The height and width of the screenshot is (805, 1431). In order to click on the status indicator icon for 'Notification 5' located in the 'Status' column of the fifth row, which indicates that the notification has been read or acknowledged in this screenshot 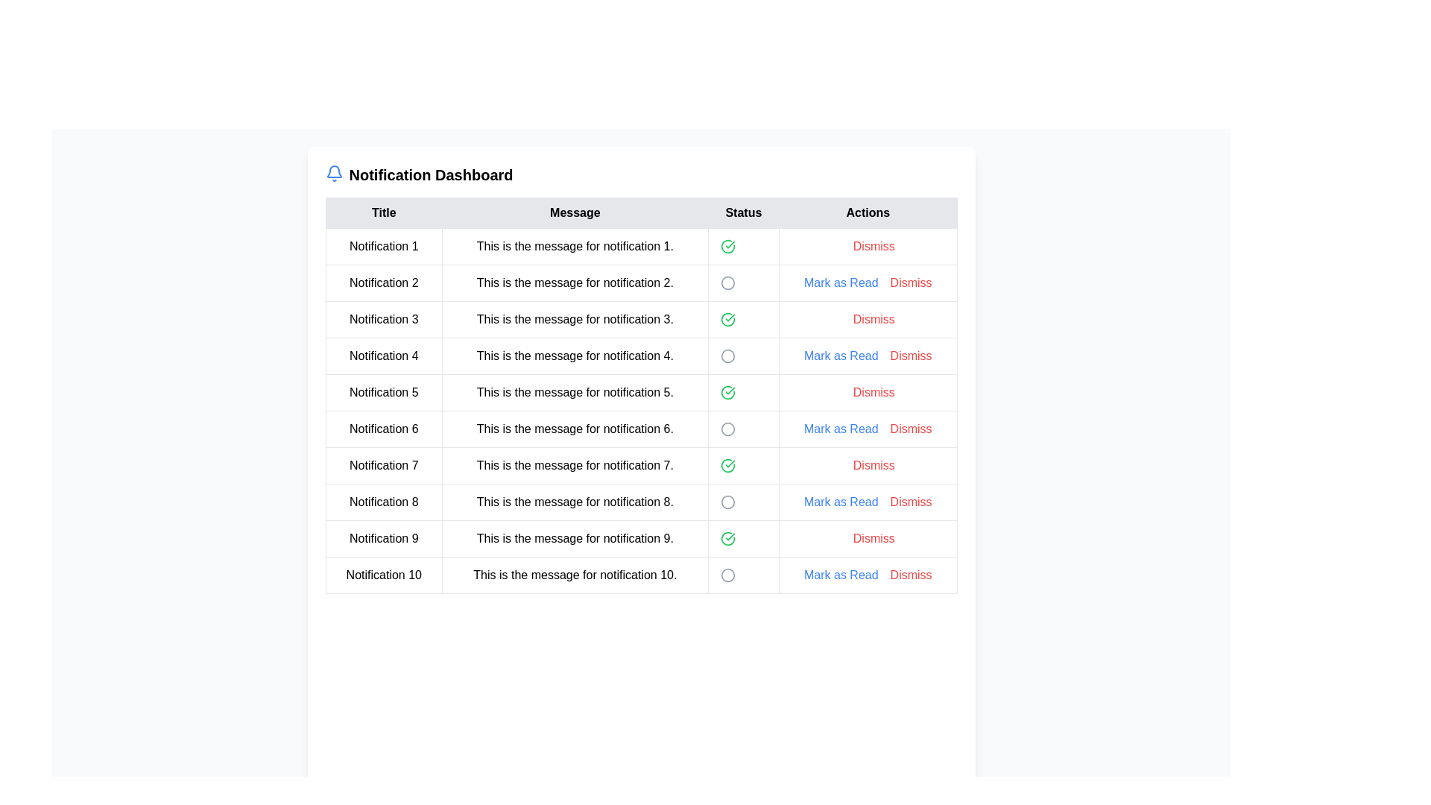, I will do `click(727, 392)`.